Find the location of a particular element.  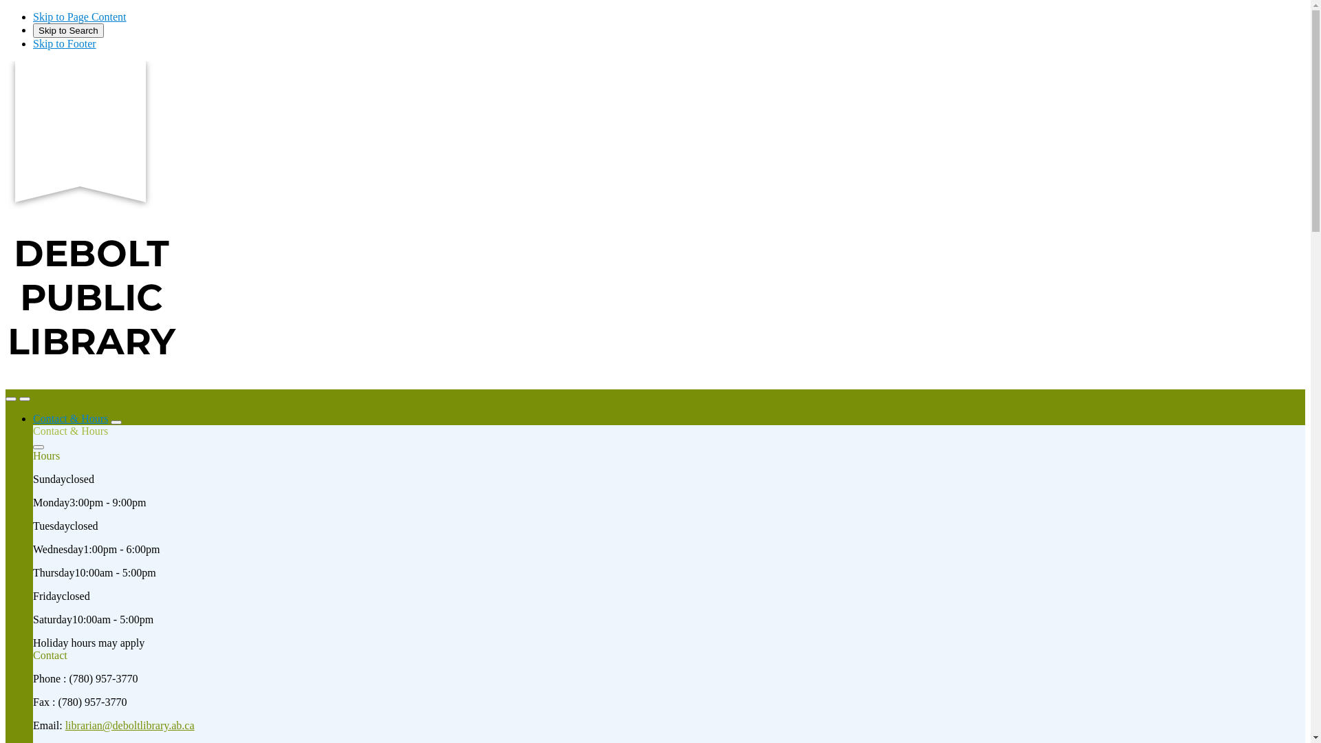

'librarian@deboltlibrary.ab.ca' is located at coordinates (129, 724).